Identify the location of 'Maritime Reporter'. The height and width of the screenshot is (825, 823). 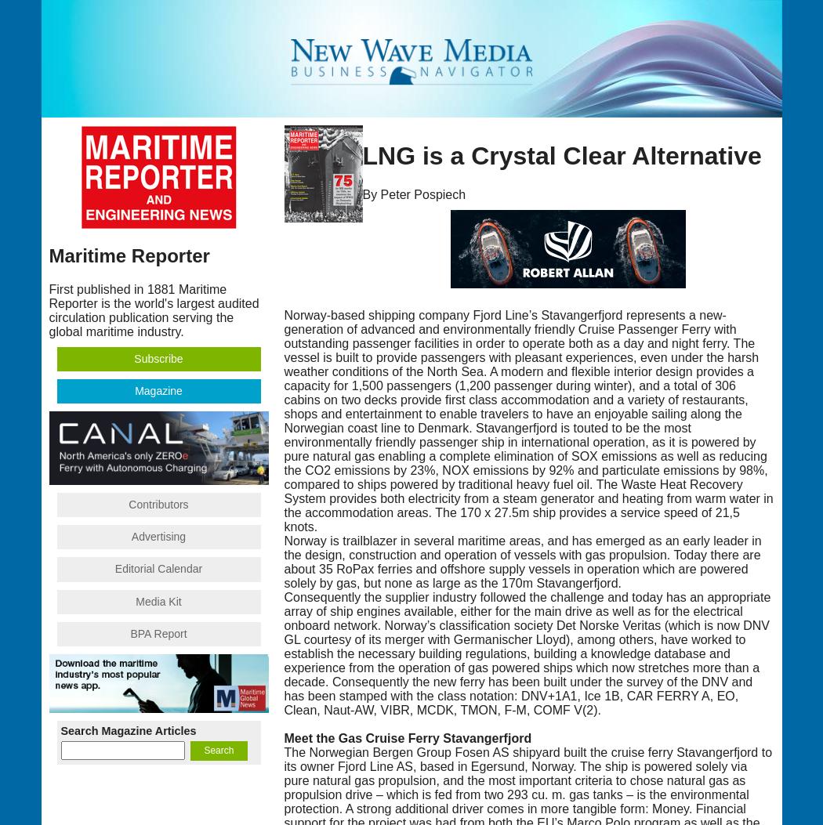
(129, 255).